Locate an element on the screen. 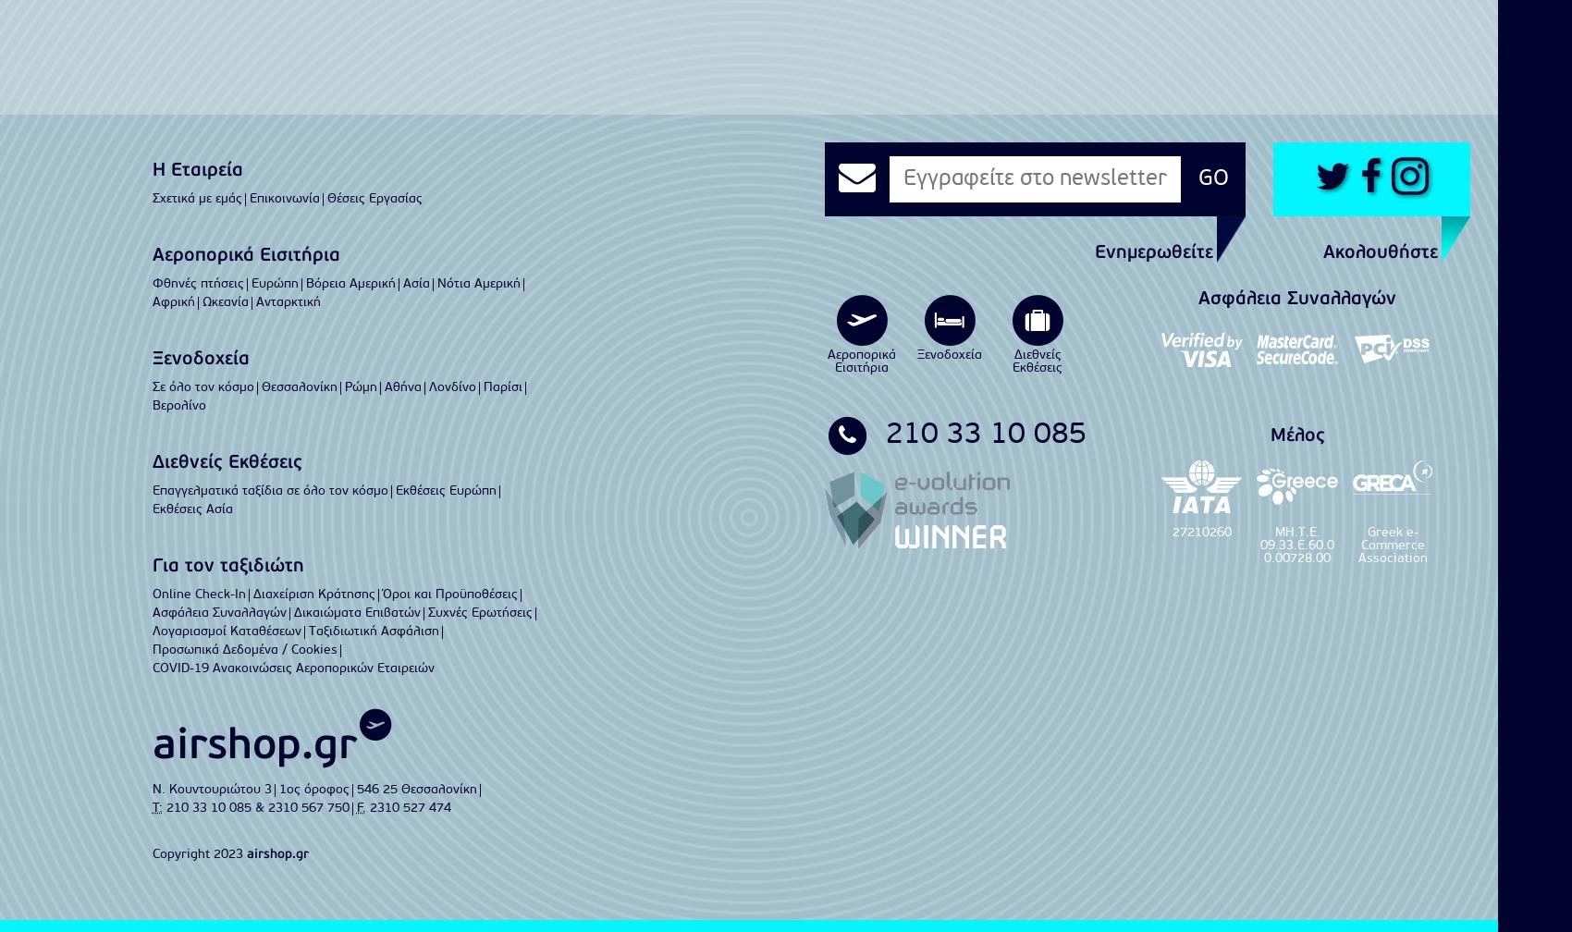  'Greek e-Commerce Association' is located at coordinates (1392, 546).